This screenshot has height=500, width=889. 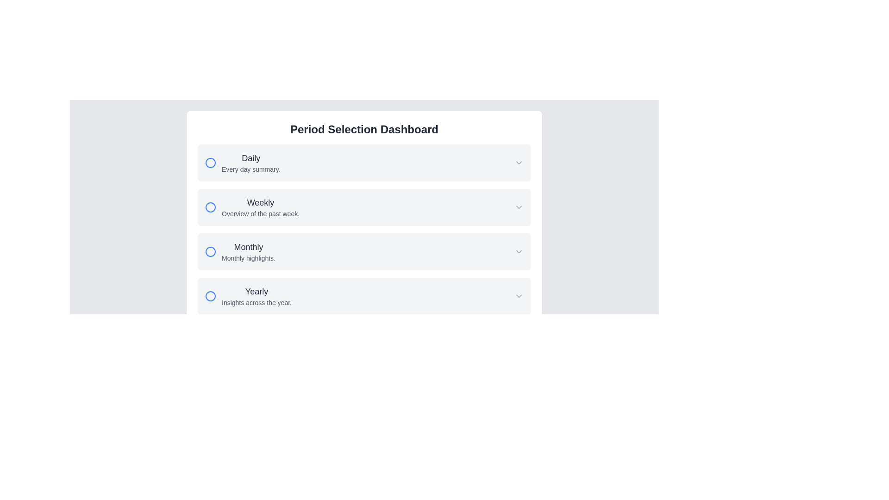 What do you see at coordinates (210, 251) in the screenshot?
I see `the radio button` at bounding box center [210, 251].